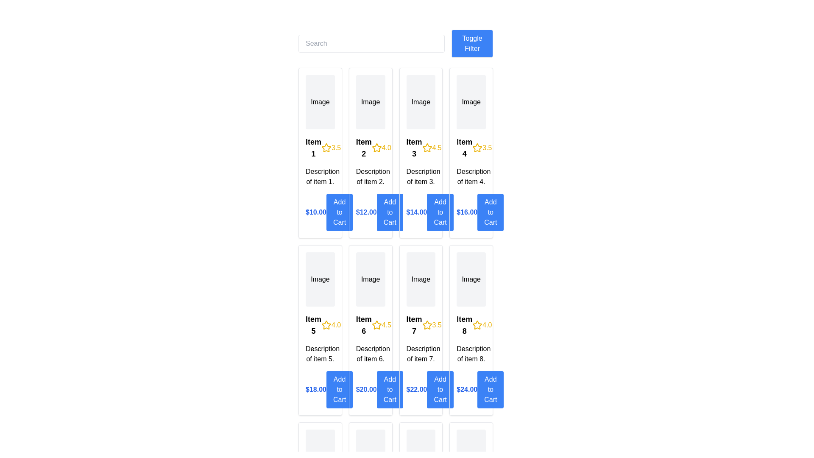 Image resolution: width=814 pixels, height=458 pixels. What do you see at coordinates (491, 212) in the screenshot?
I see `the 'Add to Cart' button, which is a rectangular button with rounded corners, blue background, and white text centered within it` at bounding box center [491, 212].